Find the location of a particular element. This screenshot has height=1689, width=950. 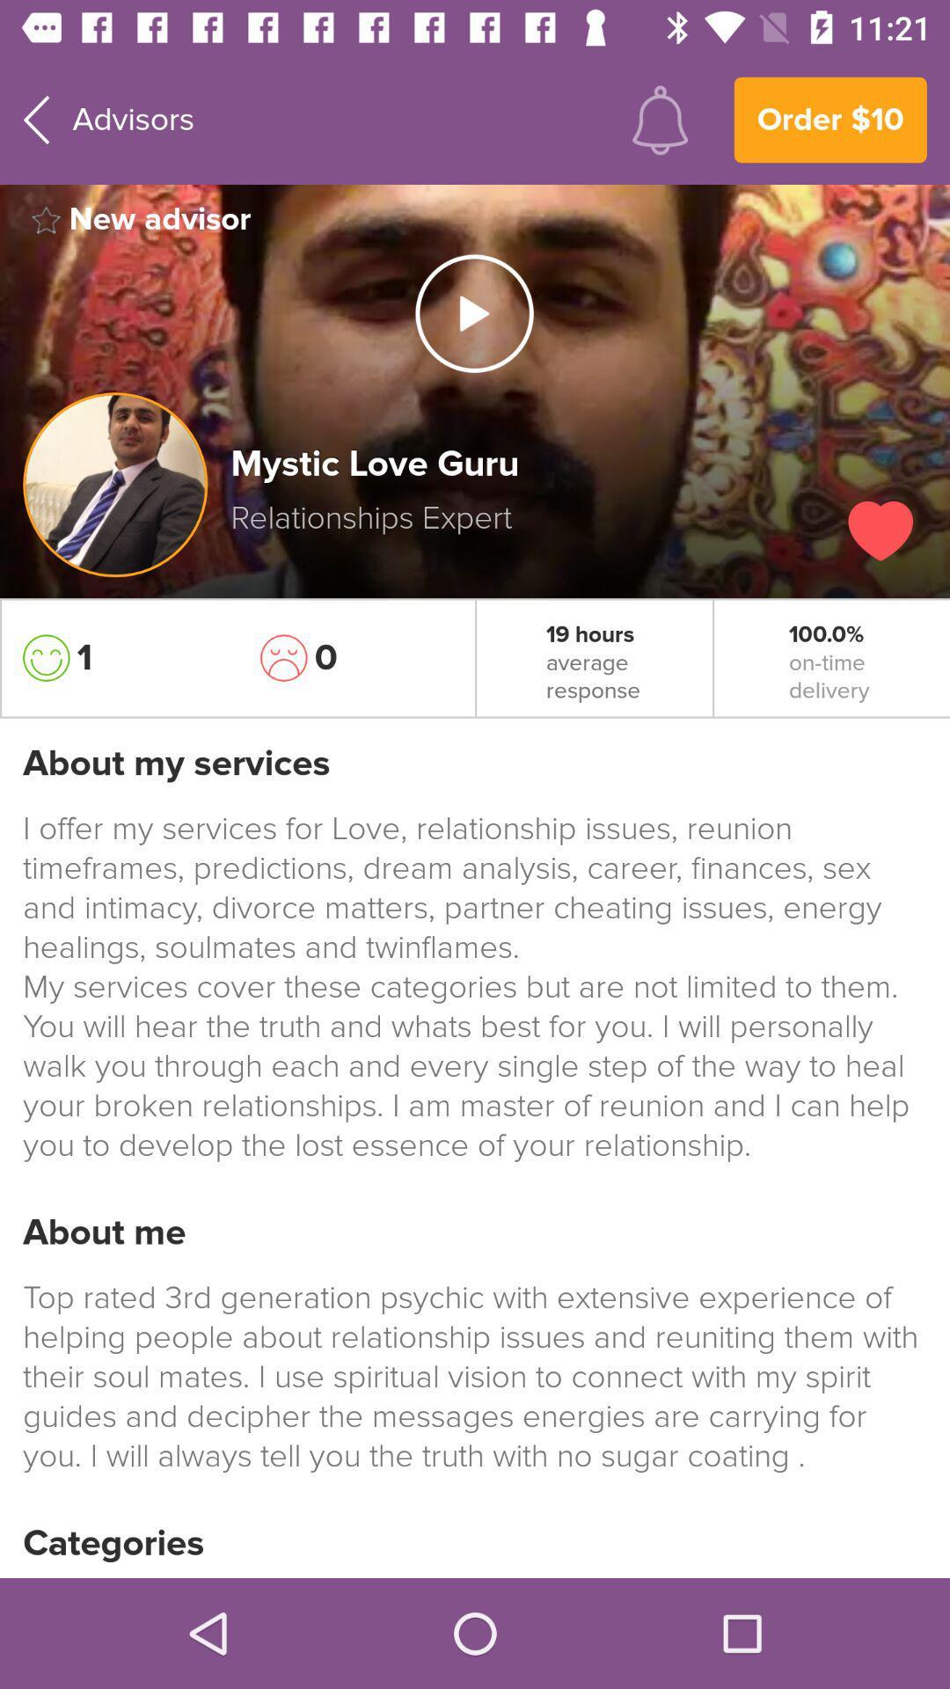

the item above mystic love guru is located at coordinates (473, 313).